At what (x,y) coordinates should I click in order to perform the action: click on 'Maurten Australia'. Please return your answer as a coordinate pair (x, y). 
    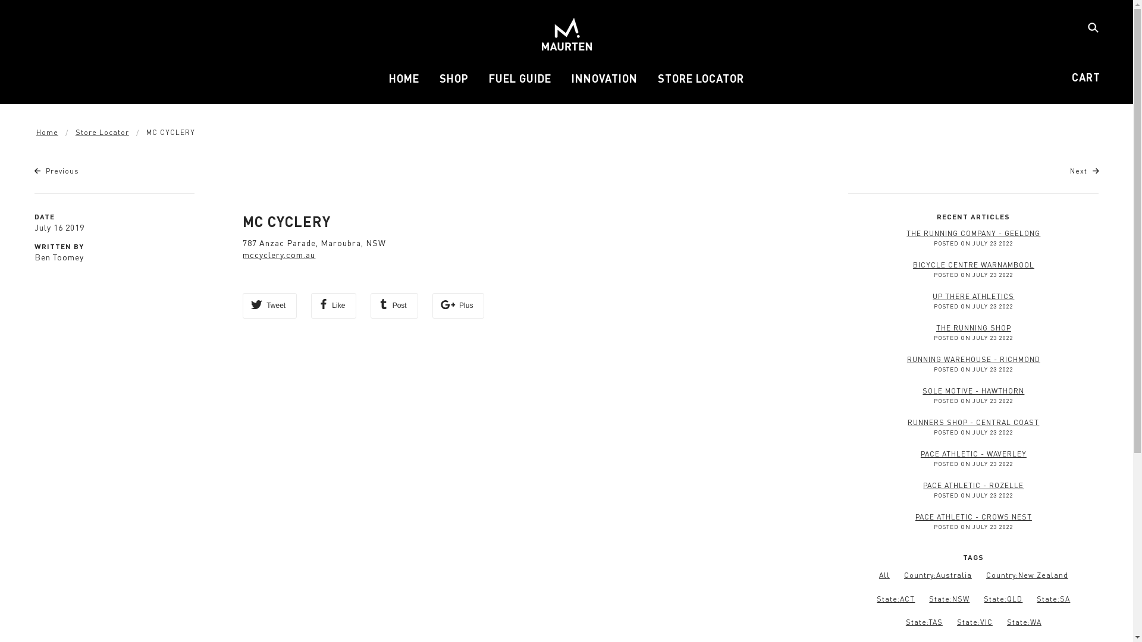
    Looking at the image, I should click on (565, 33).